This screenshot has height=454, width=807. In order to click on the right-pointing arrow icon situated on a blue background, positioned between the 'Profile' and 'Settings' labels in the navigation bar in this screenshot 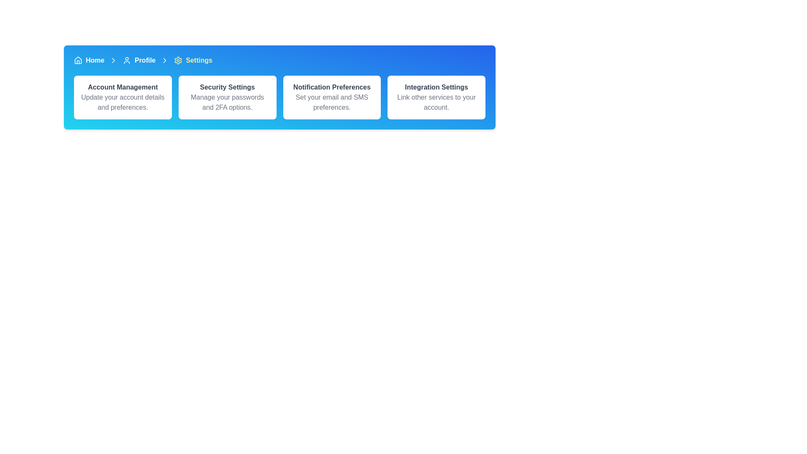, I will do `click(165, 60)`.